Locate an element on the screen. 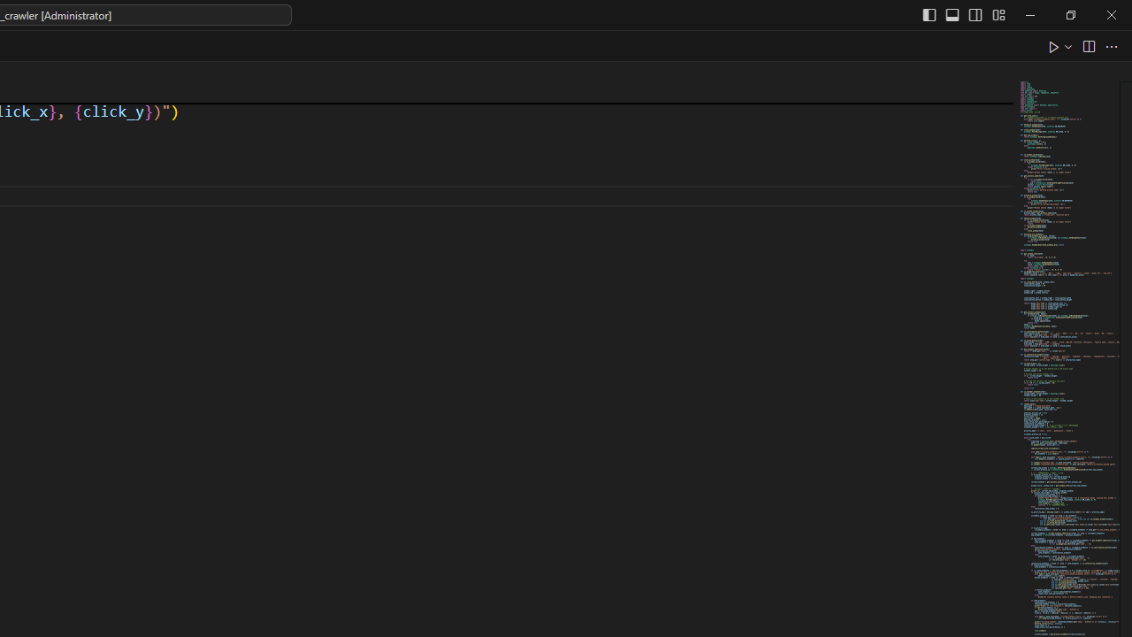 This screenshot has height=637, width=1132. 'Customize Layout...' is located at coordinates (998, 14).